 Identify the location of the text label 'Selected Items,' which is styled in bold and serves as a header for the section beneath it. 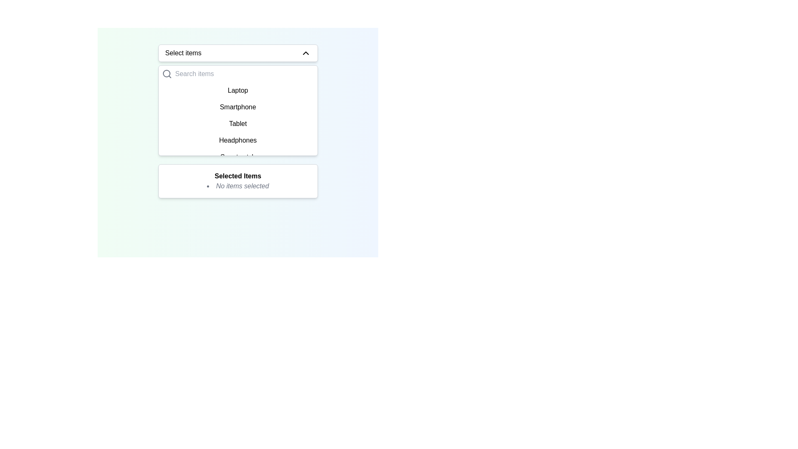
(237, 176).